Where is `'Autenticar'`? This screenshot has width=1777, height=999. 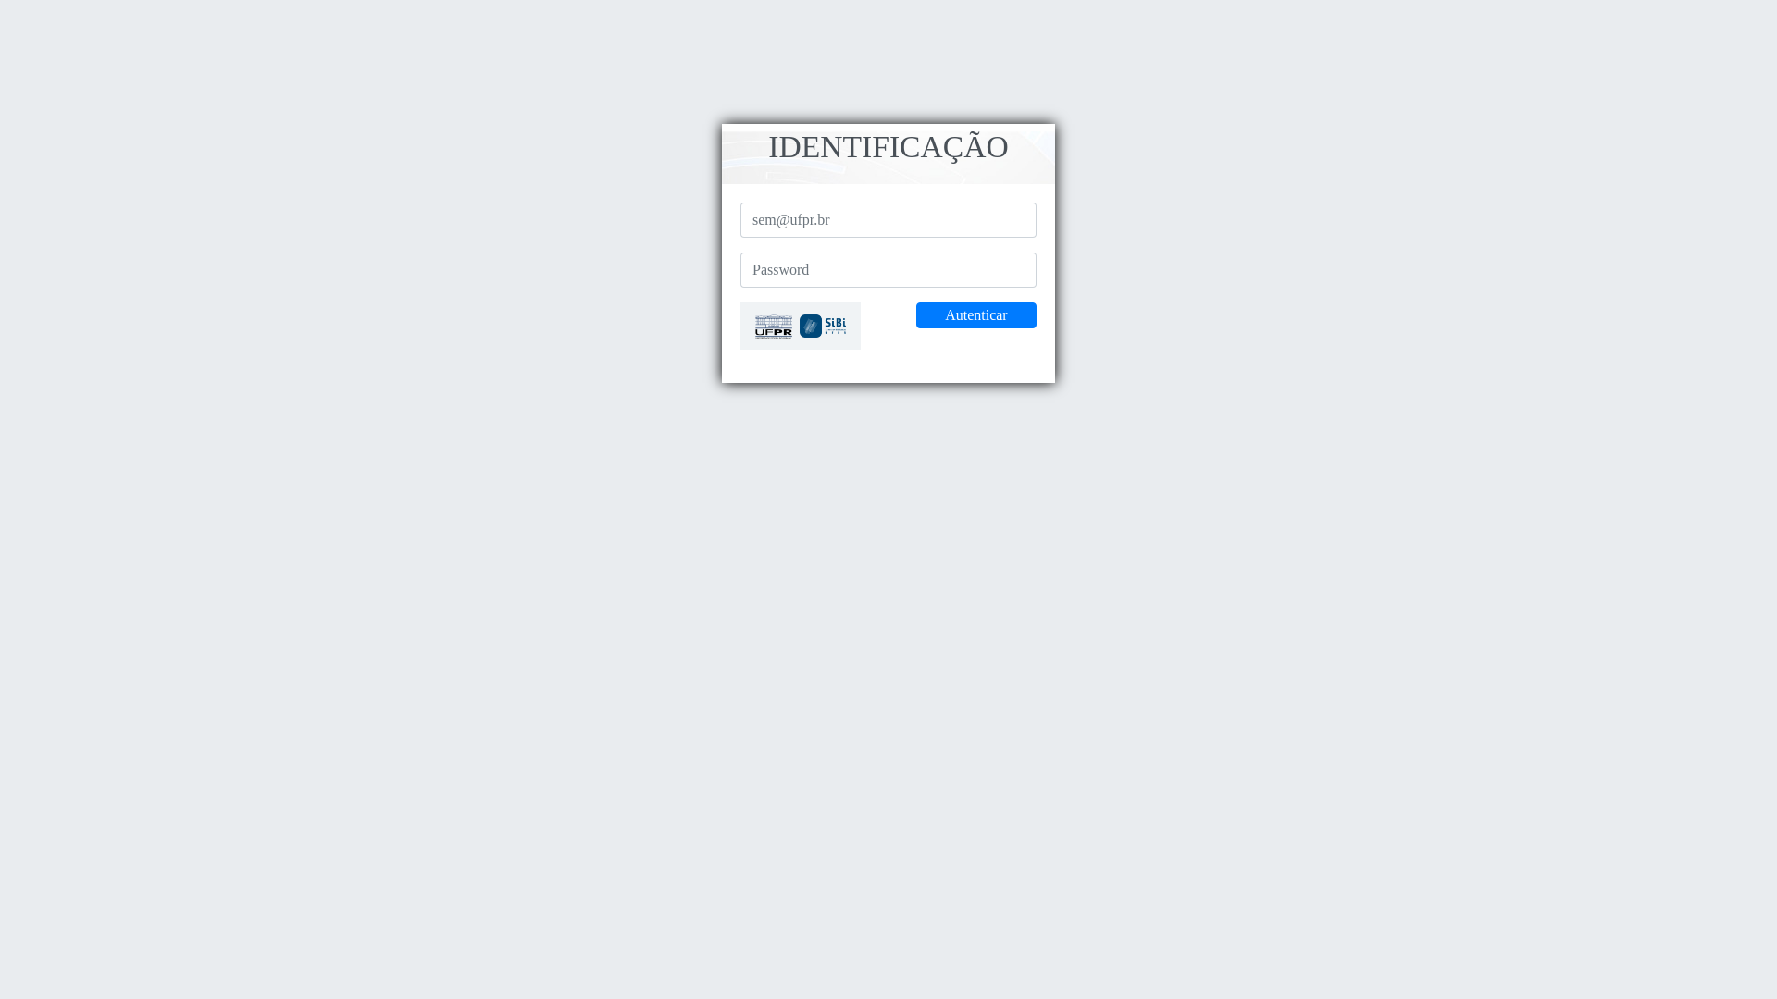 'Autenticar' is located at coordinates (975, 314).